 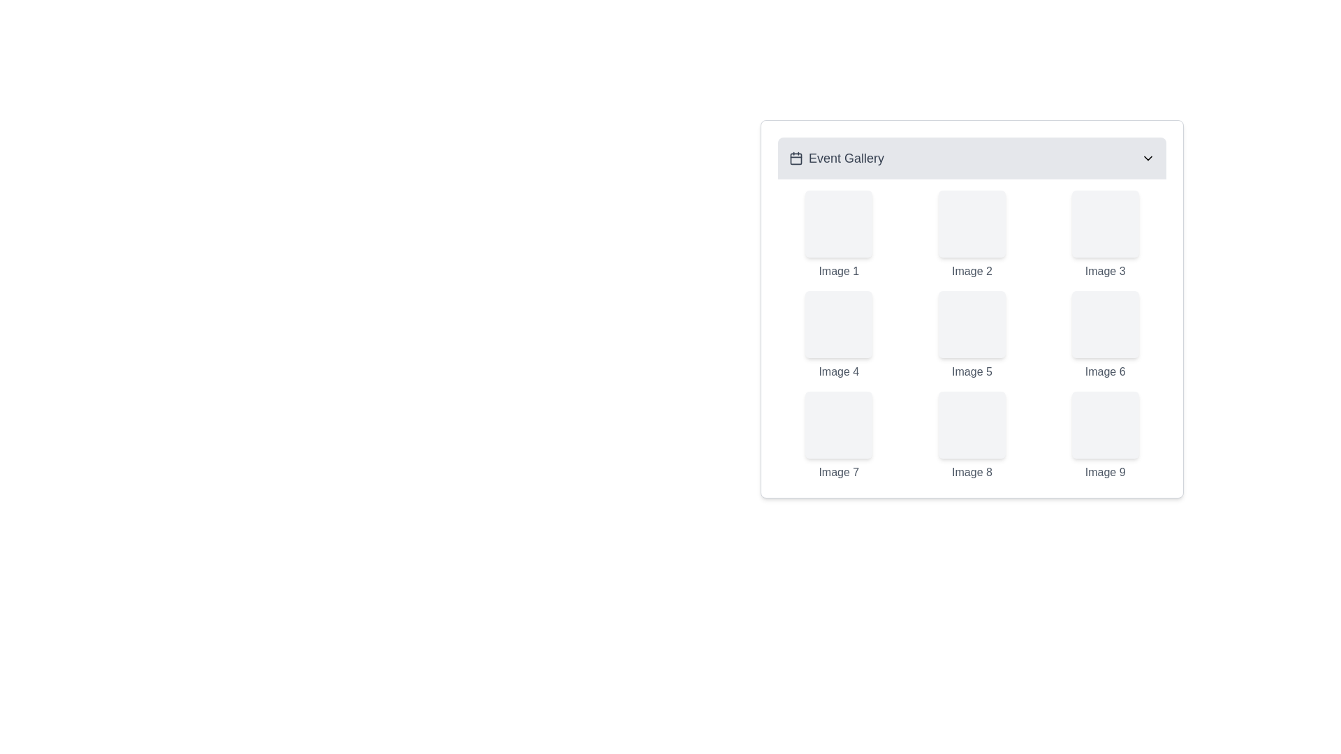 I want to click on the text label that serves as a descriptor for the image in the third column of the third row in the gallery interface, so click(x=1104, y=472).